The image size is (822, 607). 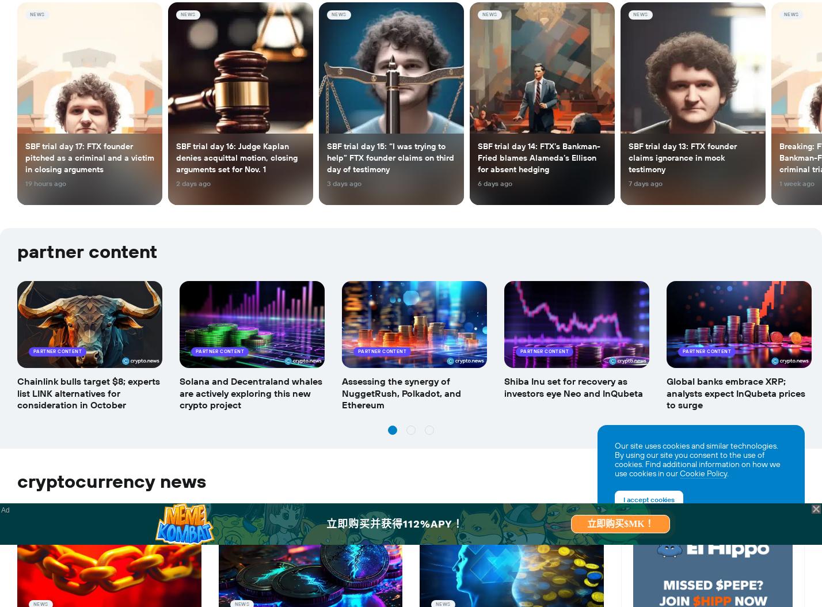 I want to click on 'SBF trial day 16: Judge Kaplan denies acquittal motion, closing arguments set for Nov. 1', so click(x=236, y=157).